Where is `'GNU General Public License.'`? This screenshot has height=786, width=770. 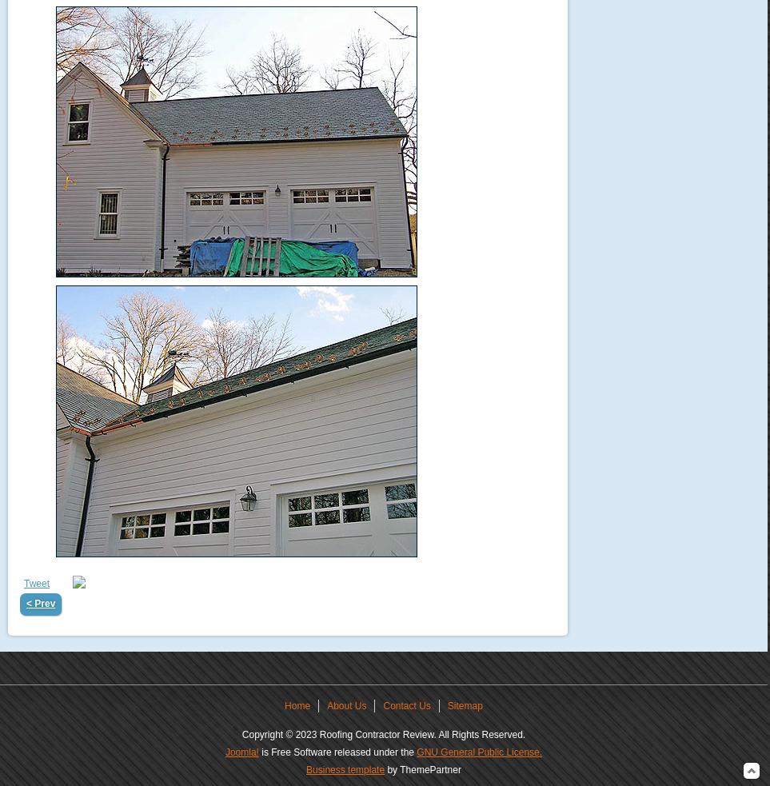 'GNU General Public License.' is located at coordinates (479, 752).